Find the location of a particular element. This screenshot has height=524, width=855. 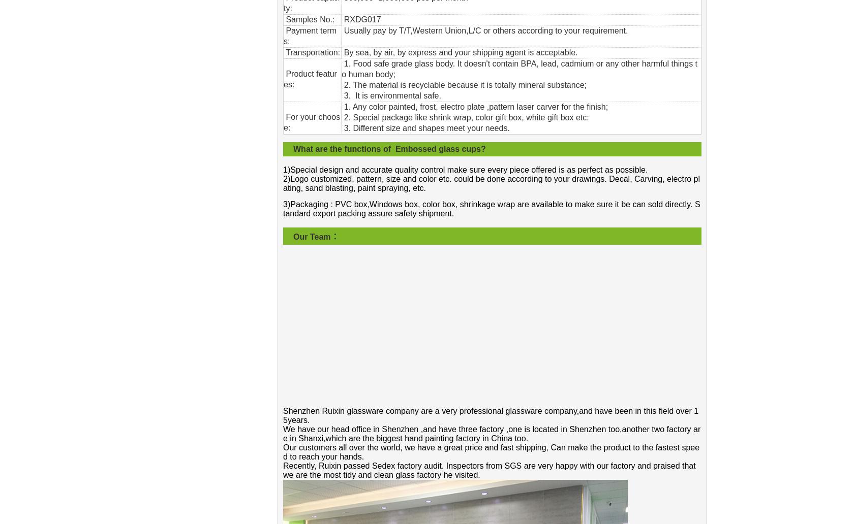

':' is located at coordinates (338, 52).